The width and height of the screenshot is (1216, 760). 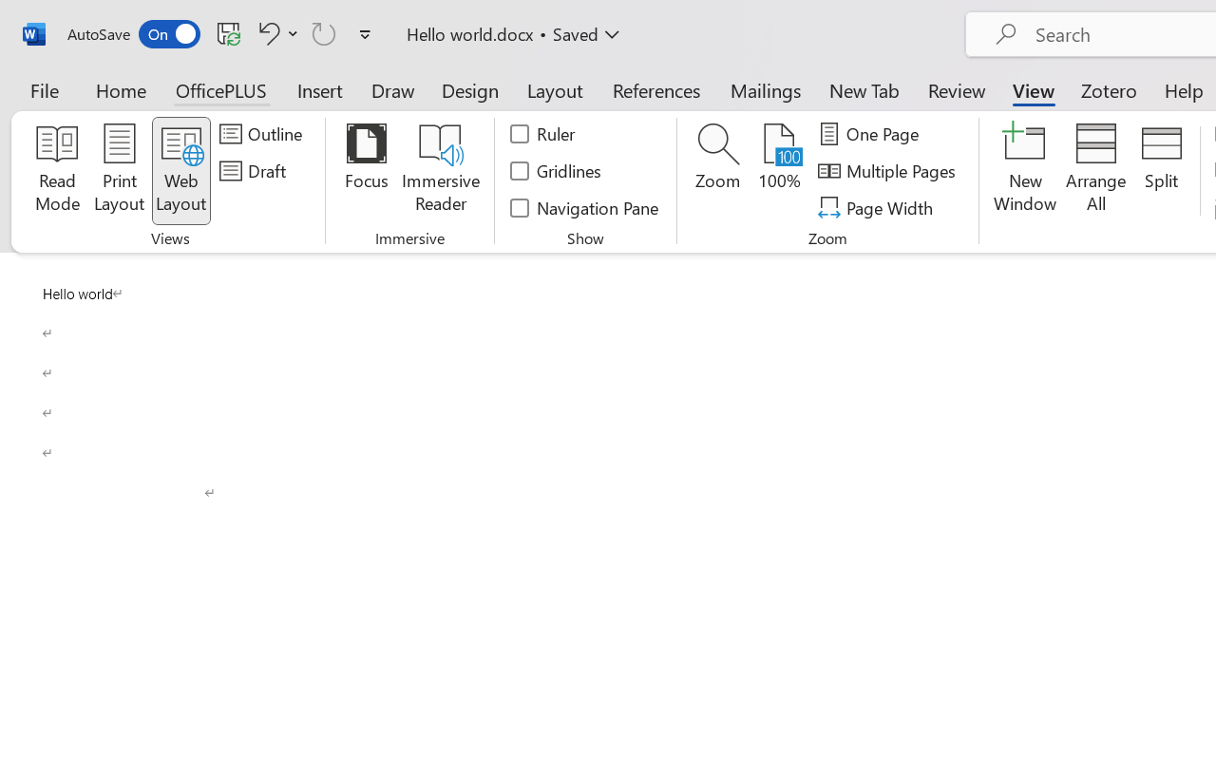 What do you see at coordinates (392, 89) in the screenshot?
I see `'Draw'` at bounding box center [392, 89].